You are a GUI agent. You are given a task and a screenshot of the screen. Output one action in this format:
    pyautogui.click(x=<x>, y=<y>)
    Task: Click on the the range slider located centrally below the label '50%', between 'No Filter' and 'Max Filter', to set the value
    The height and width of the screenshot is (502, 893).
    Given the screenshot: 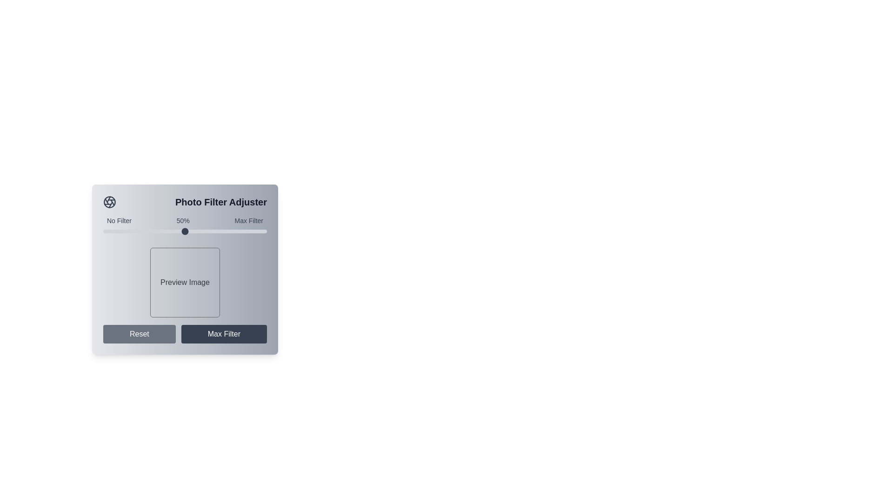 What is the action you would take?
    pyautogui.click(x=185, y=231)
    